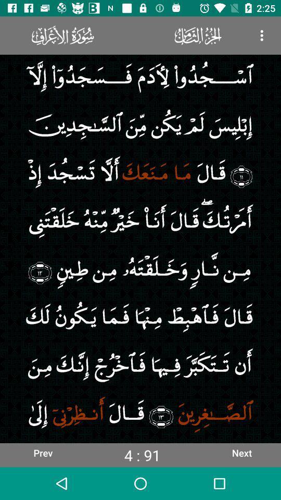 The height and width of the screenshot is (500, 281). What do you see at coordinates (241, 452) in the screenshot?
I see `the icon to the right of the 4 : 91` at bounding box center [241, 452].